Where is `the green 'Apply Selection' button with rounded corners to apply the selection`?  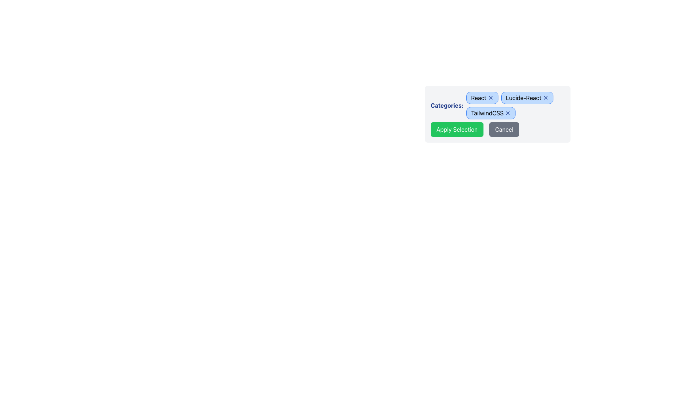
the green 'Apply Selection' button with rounded corners to apply the selection is located at coordinates (457, 129).